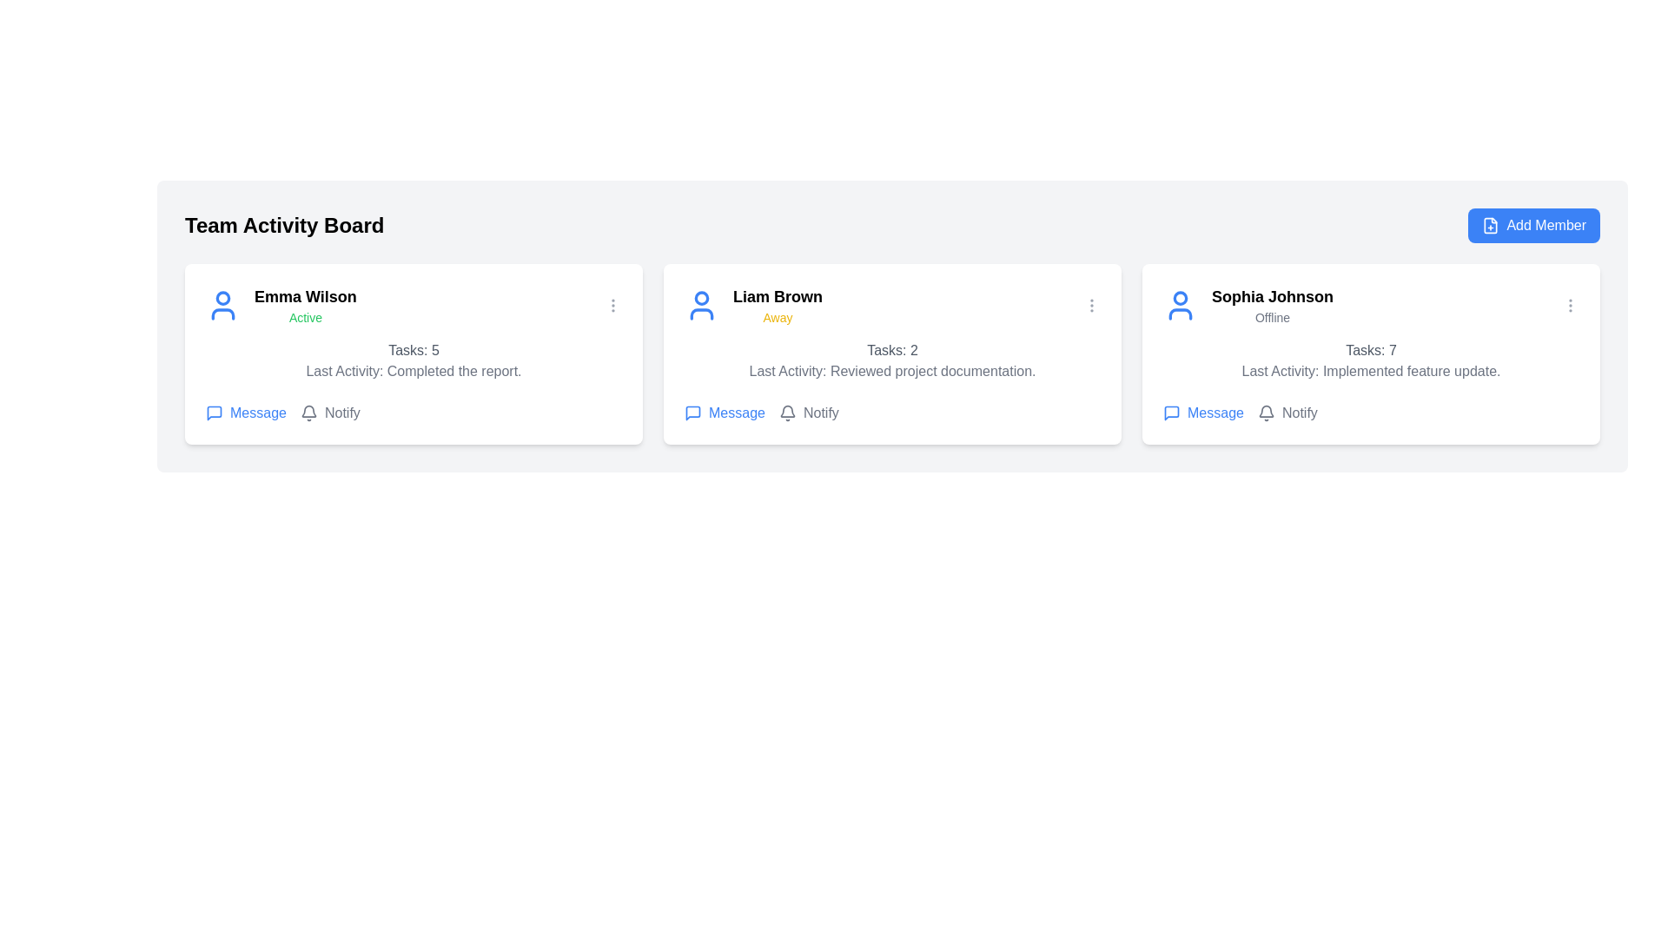 The image size is (1668, 938). Describe the element at coordinates (777, 318) in the screenshot. I see `status text label displaying 'Away' for the individual 'Liam Brown', located below the name in the second card from the left` at that location.